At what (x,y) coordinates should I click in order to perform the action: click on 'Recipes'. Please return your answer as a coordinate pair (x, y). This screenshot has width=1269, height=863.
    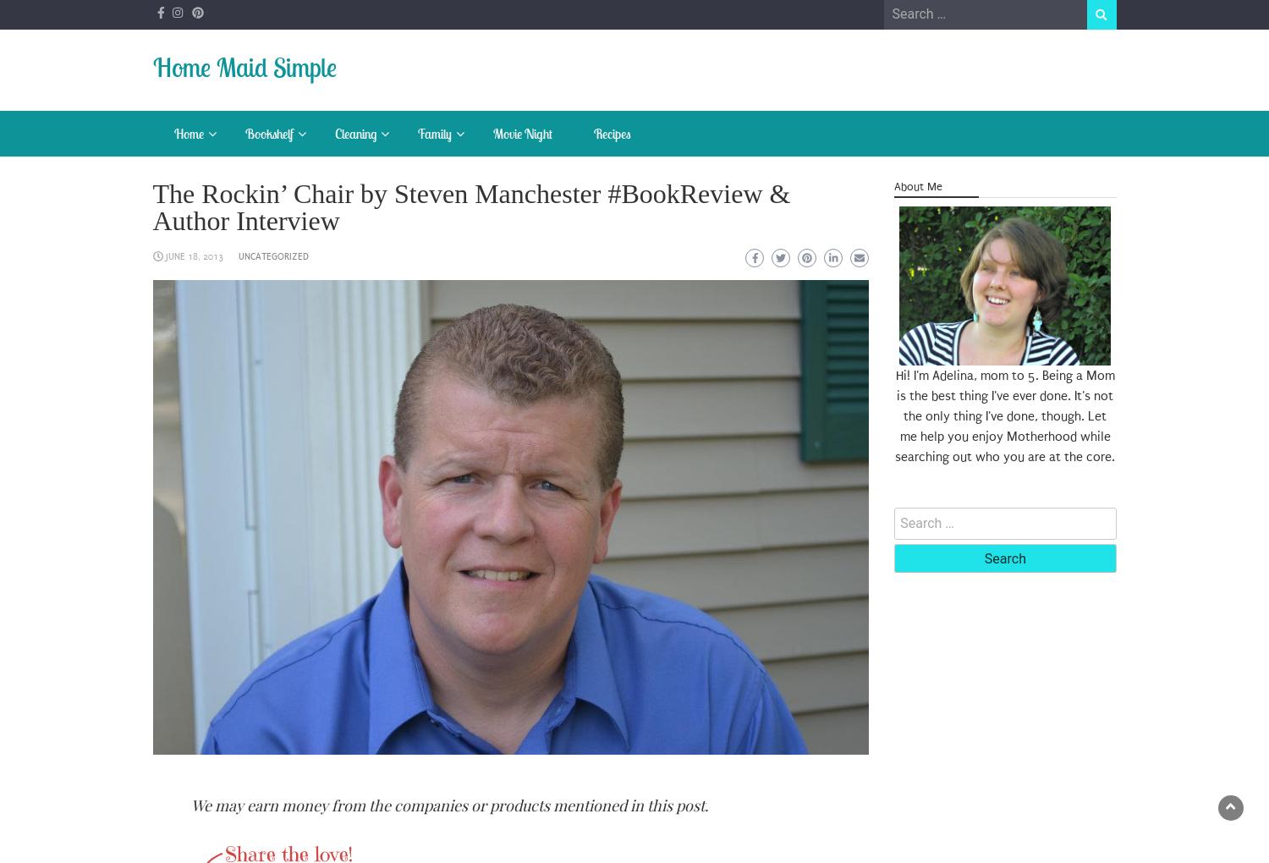
    Looking at the image, I should click on (611, 133).